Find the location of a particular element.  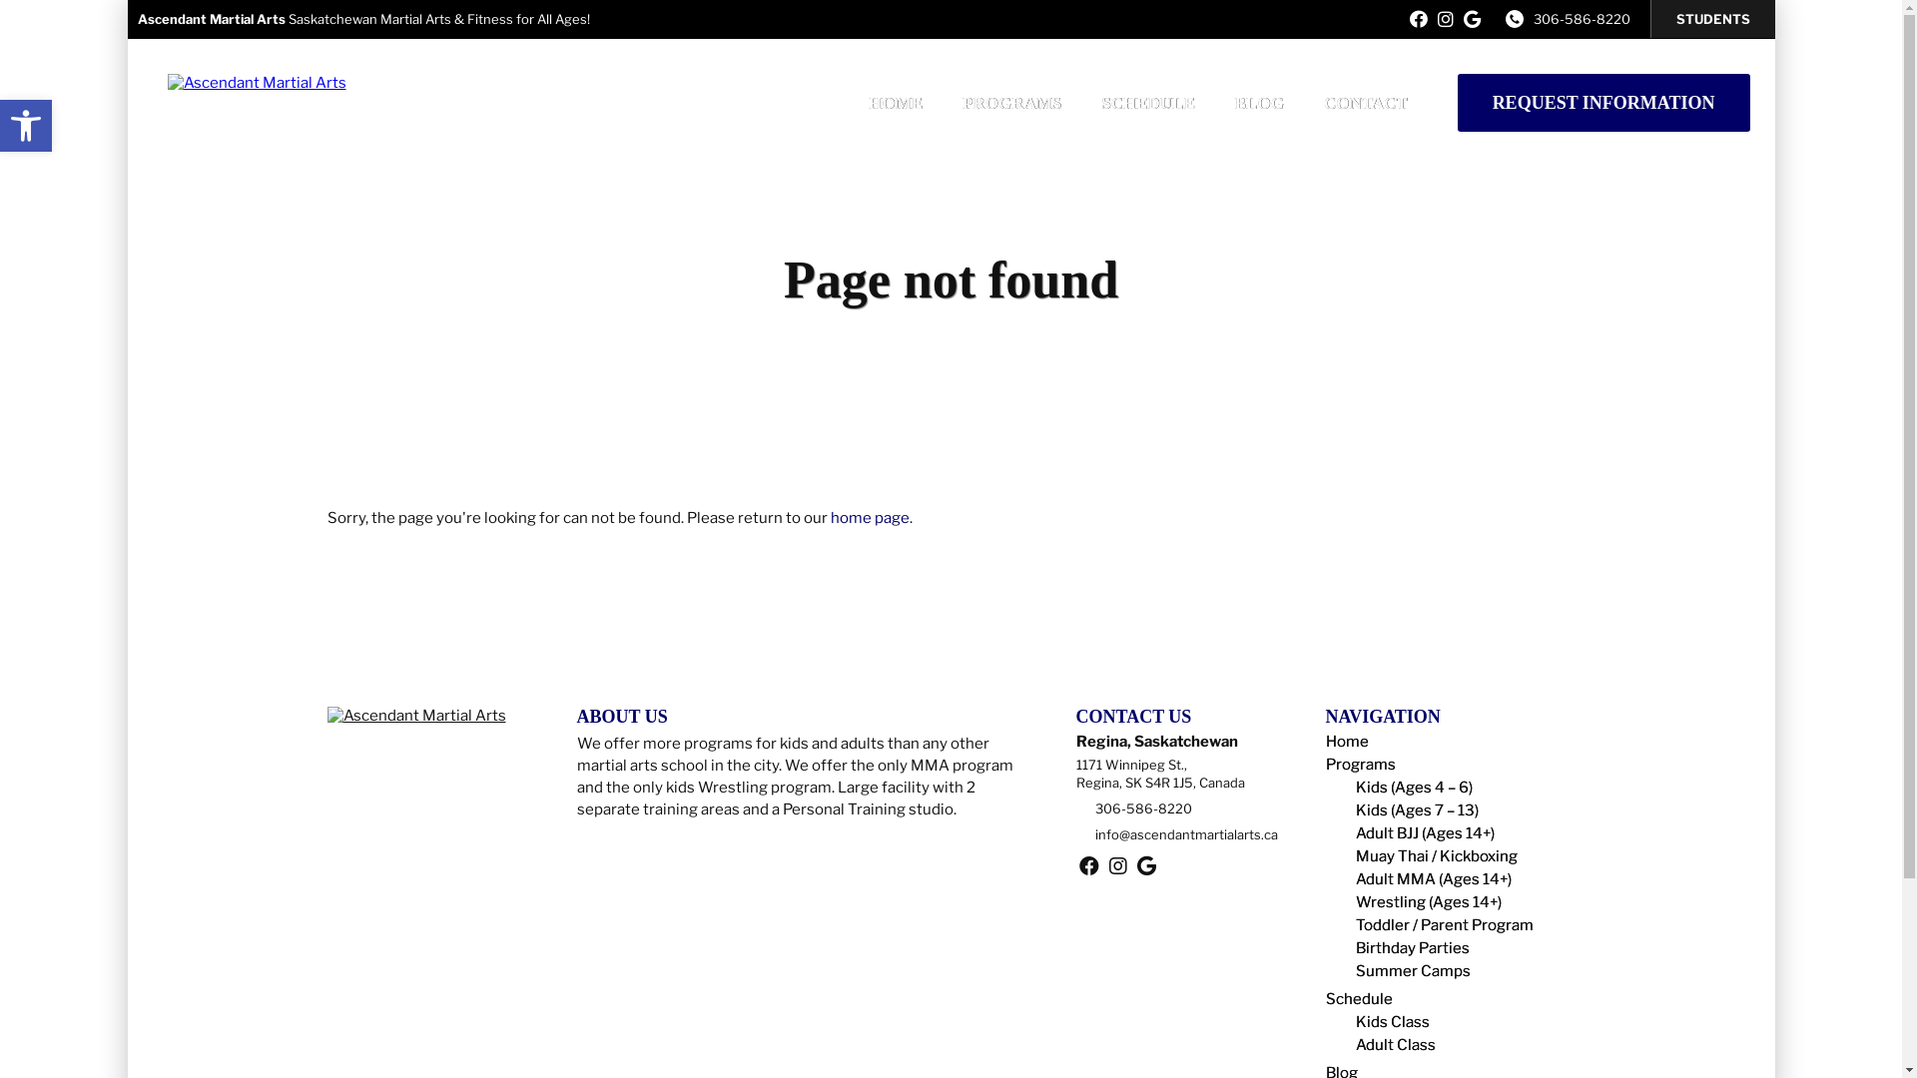

'Muay Thai / Kickboxing' is located at coordinates (1436, 854).